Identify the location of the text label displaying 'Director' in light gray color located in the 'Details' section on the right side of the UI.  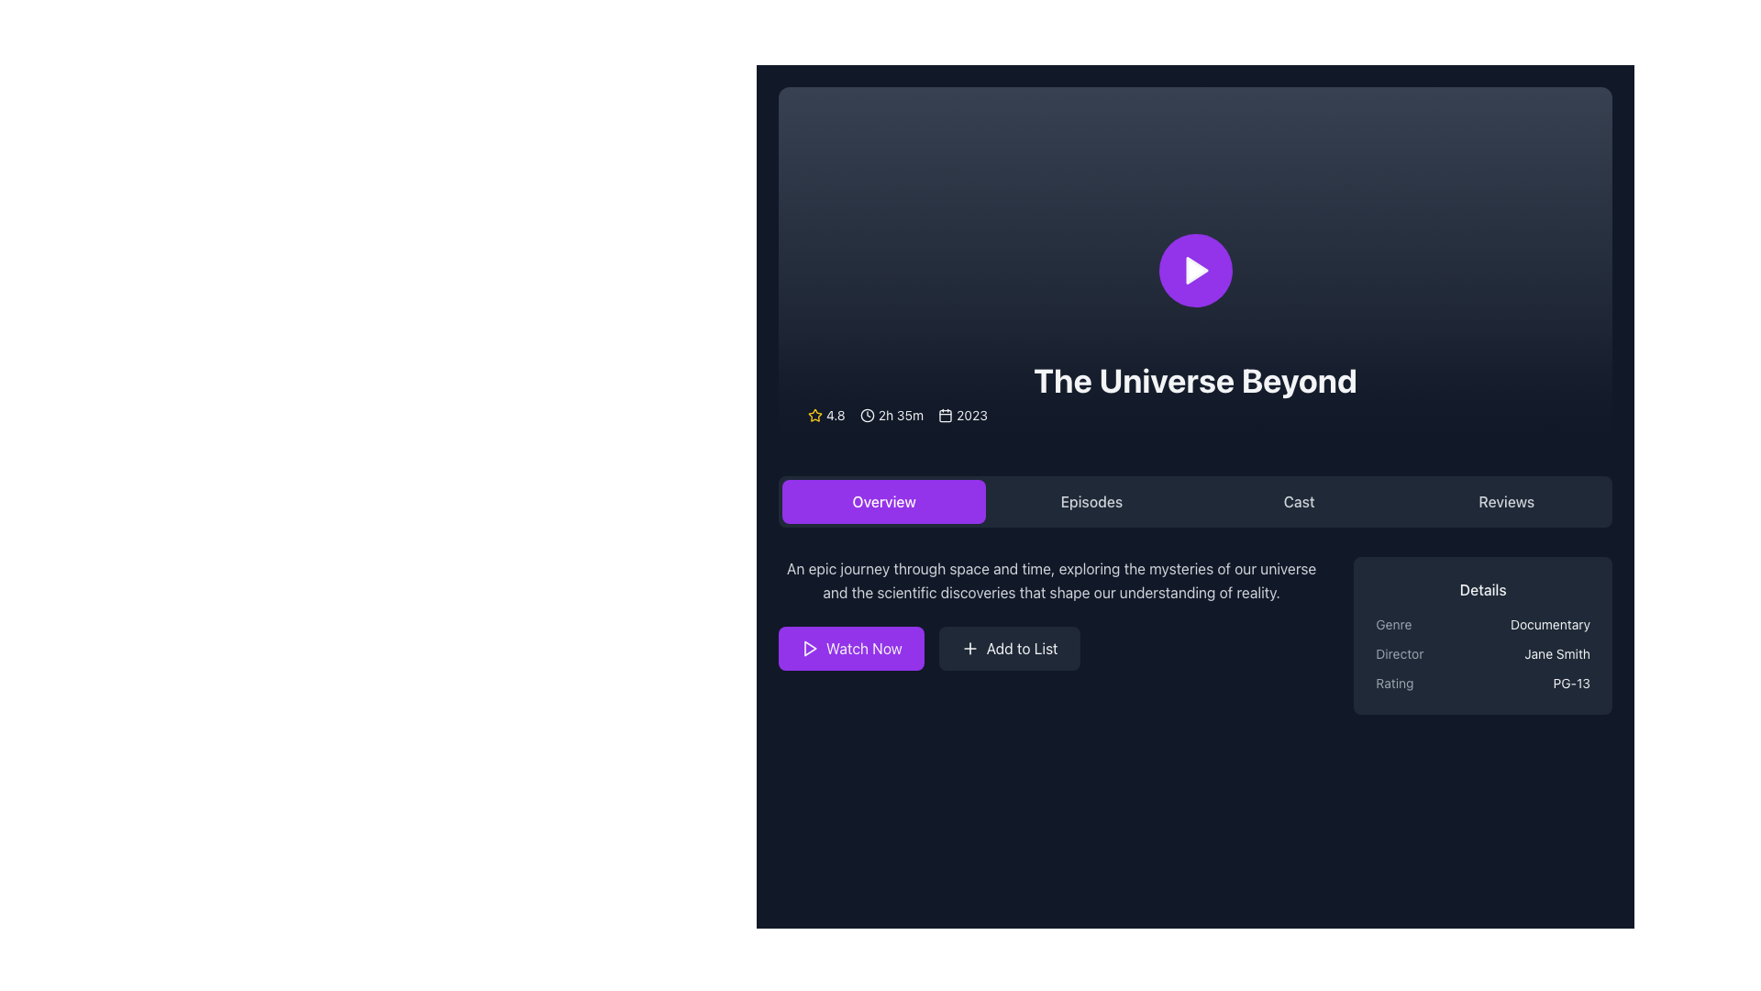
(1399, 653).